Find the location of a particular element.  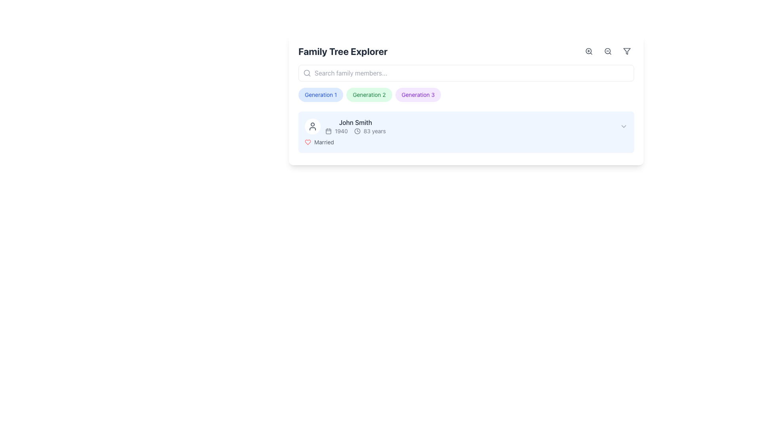

the zoom button located in the top-right corner of the interface is located at coordinates (589, 51).